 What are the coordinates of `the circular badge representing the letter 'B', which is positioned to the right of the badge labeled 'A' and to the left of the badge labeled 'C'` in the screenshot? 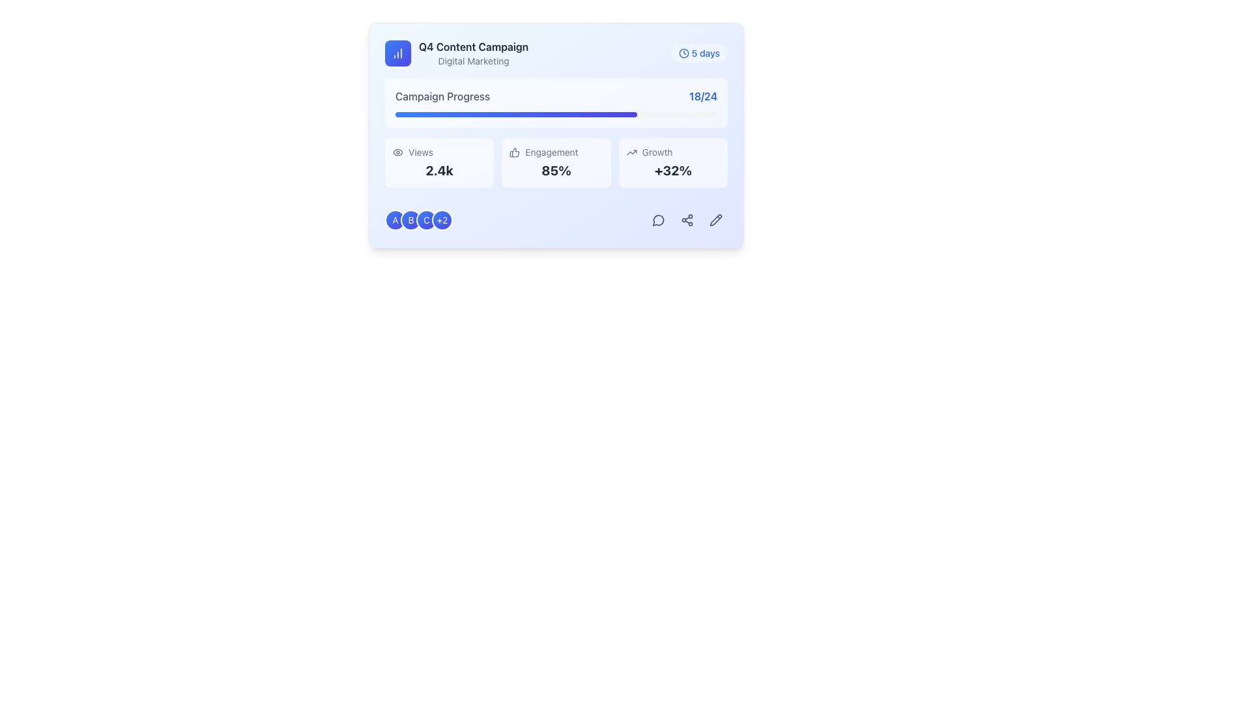 It's located at (410, 220).